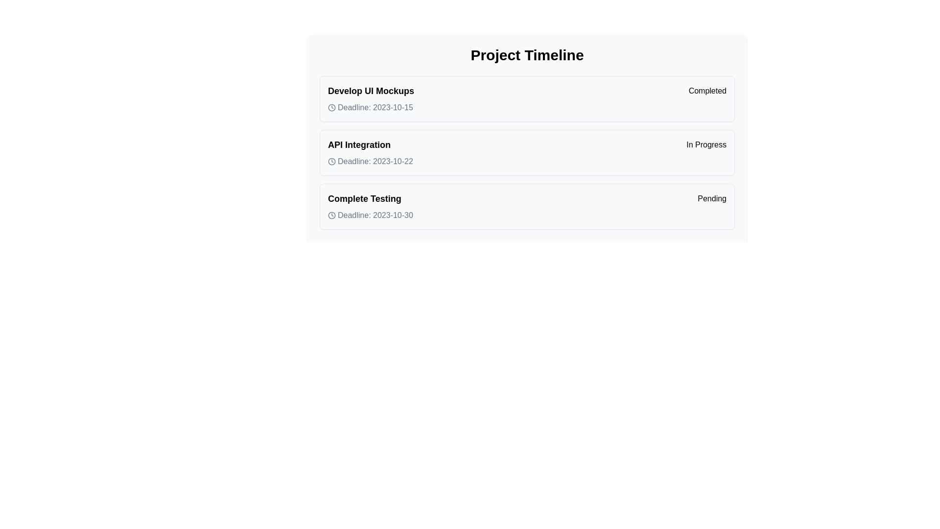  Describe the element at coordinates (364, 198) in the screenshot. I see `the 'Complete Testing' text label in the bottommost row of the task list, which is aligned with the 'Pending' badge and the deadline below` at that location.